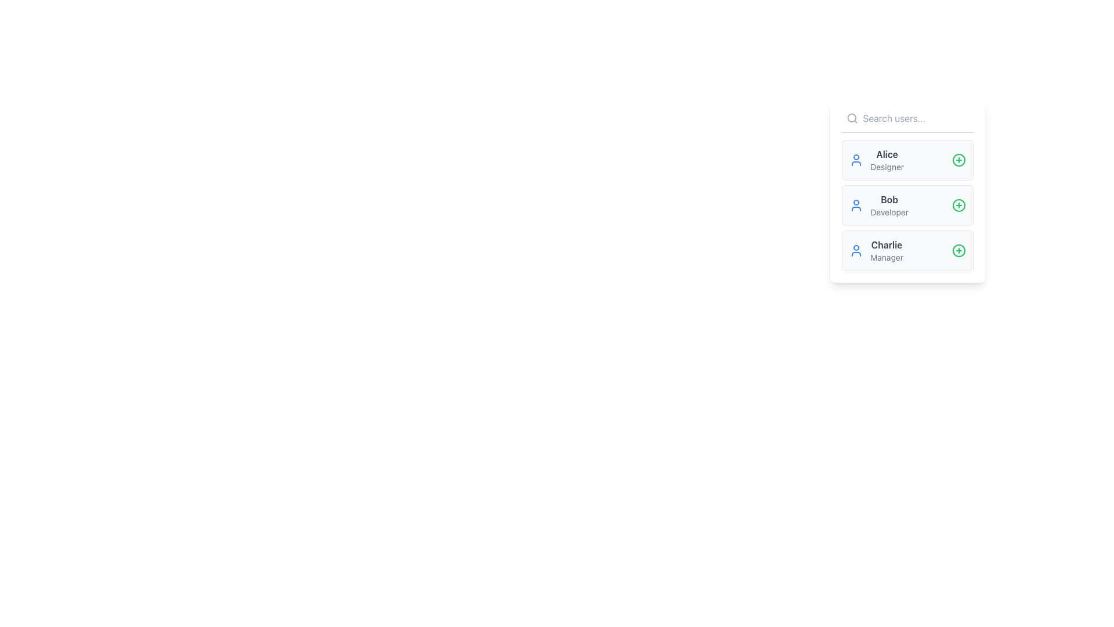 The height and width of the screenshot is (627, 1114). What do you see at coordinates (959, 160) in the screenshot?
I see `the circular green plus icon located to the right of the user entry labeled 'Alice' in the vertical list to receive feedback` at bounding box center [959, 160].